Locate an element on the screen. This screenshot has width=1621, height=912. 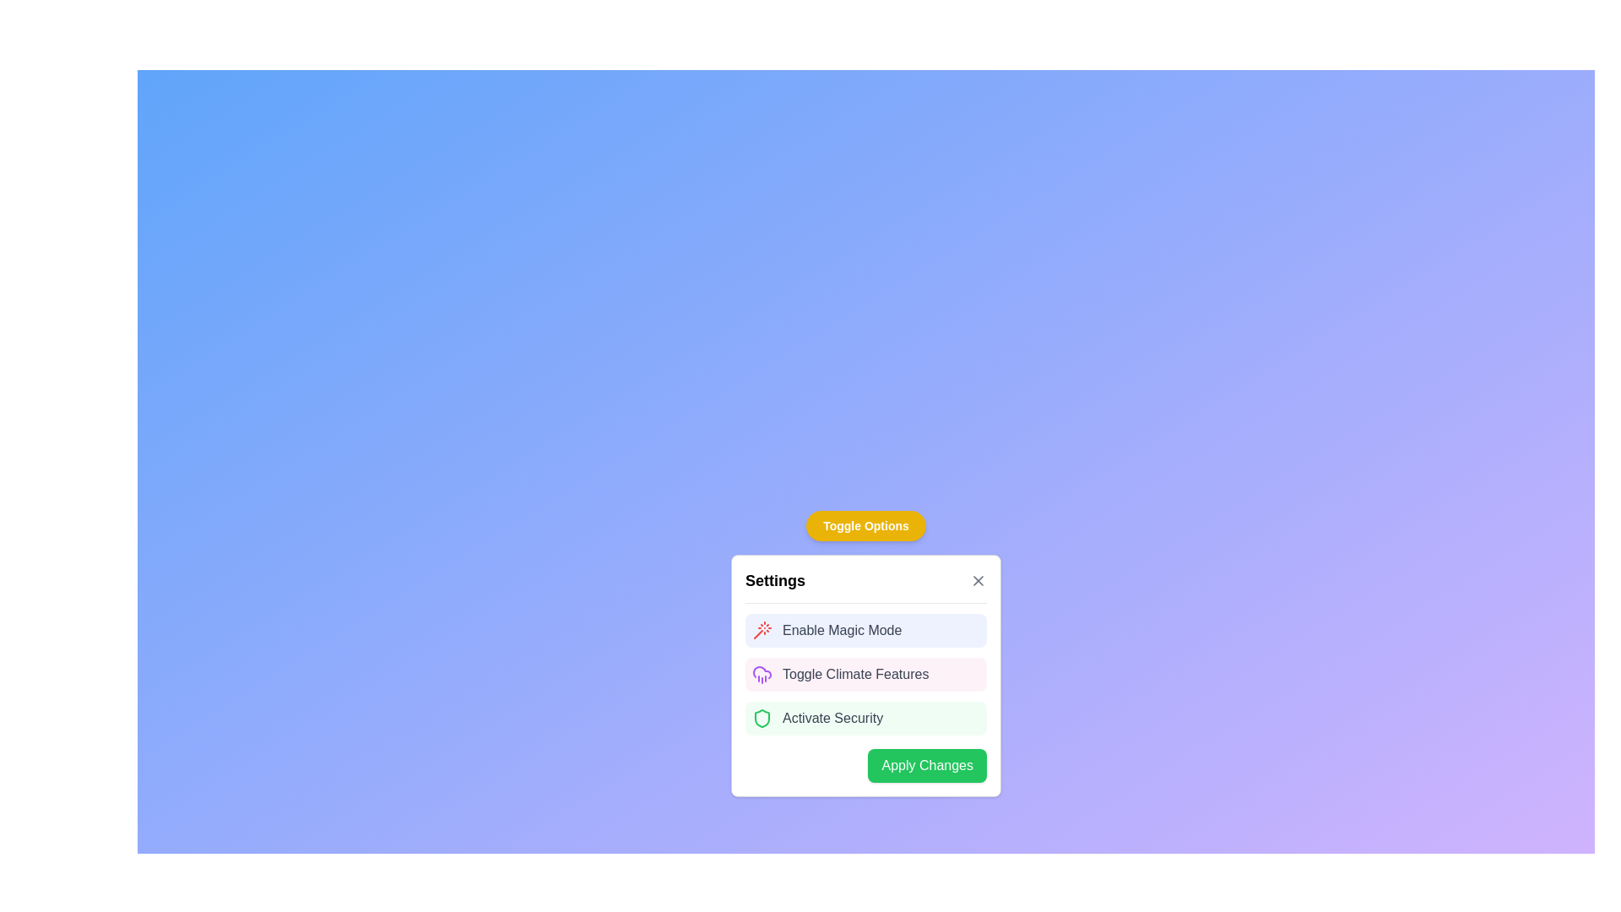
the SVG shield icon with a green stroke that is part of the 'Activate Security' setting option, positioned to the far left within its group is located at coordinates (761, 719).